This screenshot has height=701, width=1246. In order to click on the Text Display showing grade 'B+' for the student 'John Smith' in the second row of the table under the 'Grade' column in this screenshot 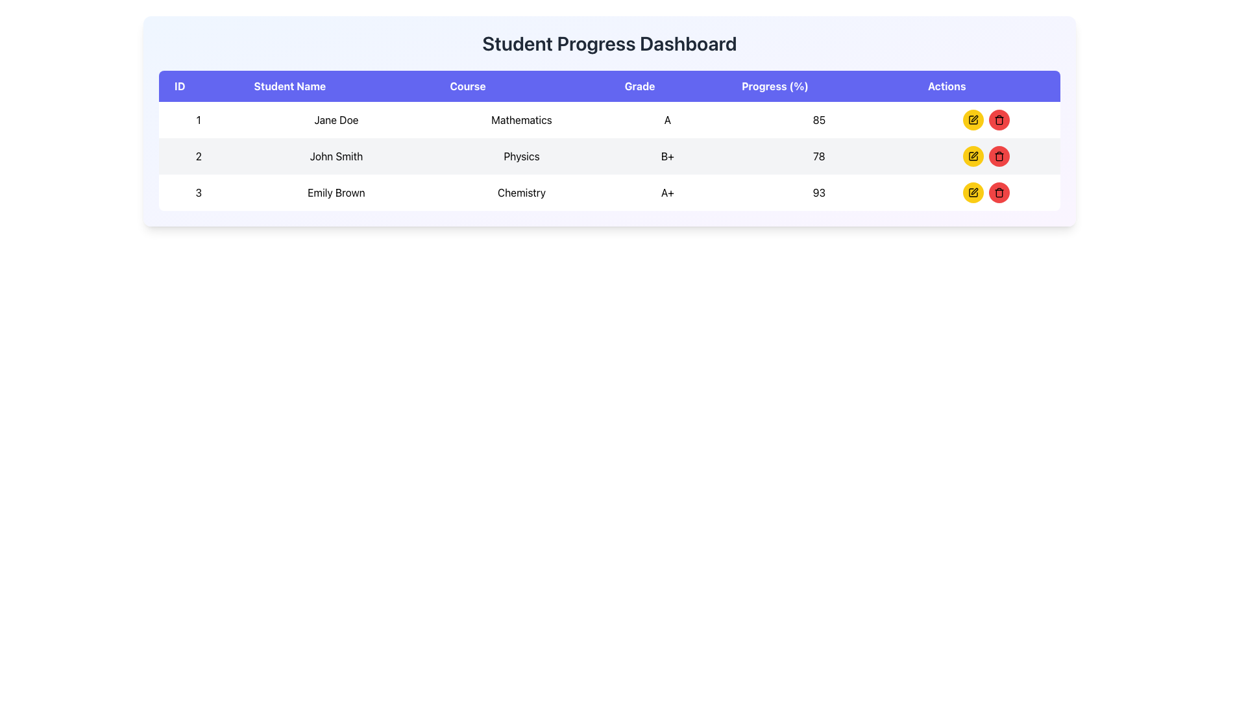, I will do `click(667, 155)`.